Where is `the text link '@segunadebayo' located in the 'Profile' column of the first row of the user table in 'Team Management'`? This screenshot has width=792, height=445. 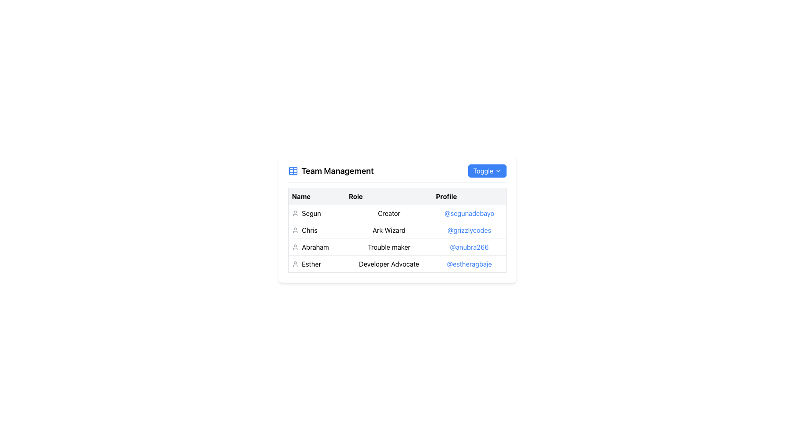
the text link '@segunadebayo' located in the 'Profile' column of the first row of the user table in 'Team Management' is located at coordinates (469, 213).